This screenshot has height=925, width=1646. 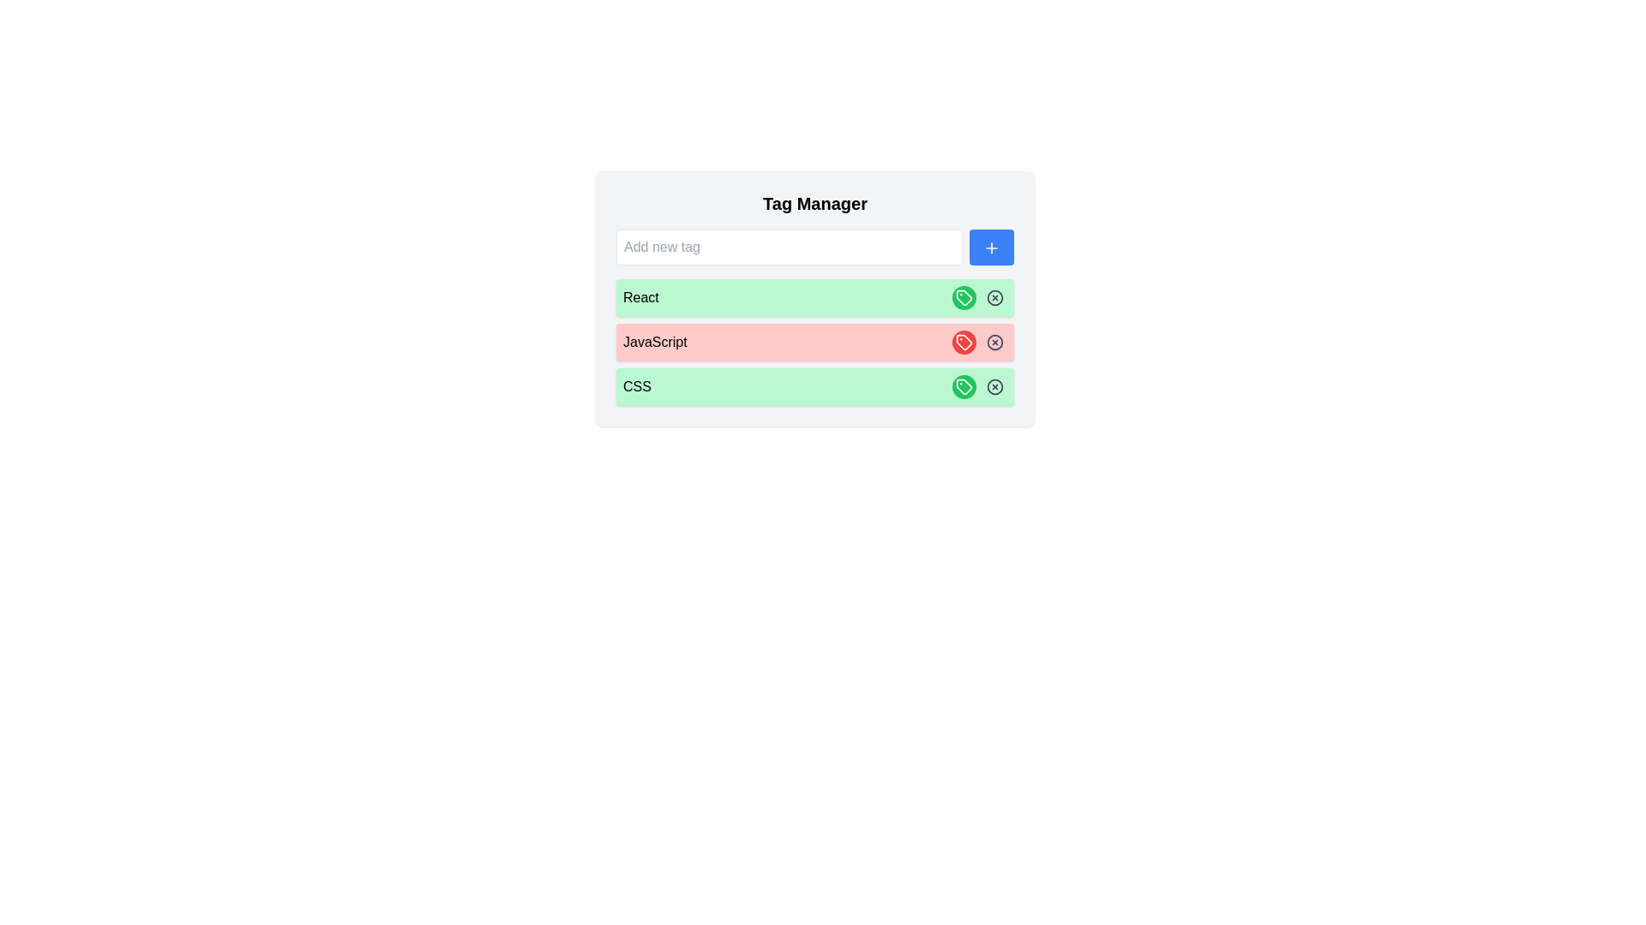 What do you see at coordinates (995, 386) in the screenshot?
I see `'Delete' button for the tag labeled CSS` at bounding box center [995, 386].